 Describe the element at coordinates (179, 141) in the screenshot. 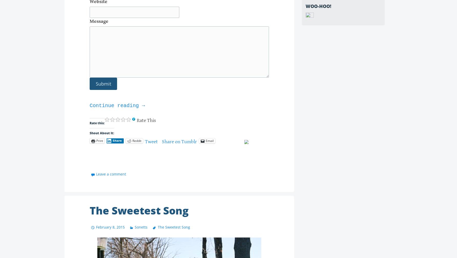

I see `'Share on Tumblr'` at that location.